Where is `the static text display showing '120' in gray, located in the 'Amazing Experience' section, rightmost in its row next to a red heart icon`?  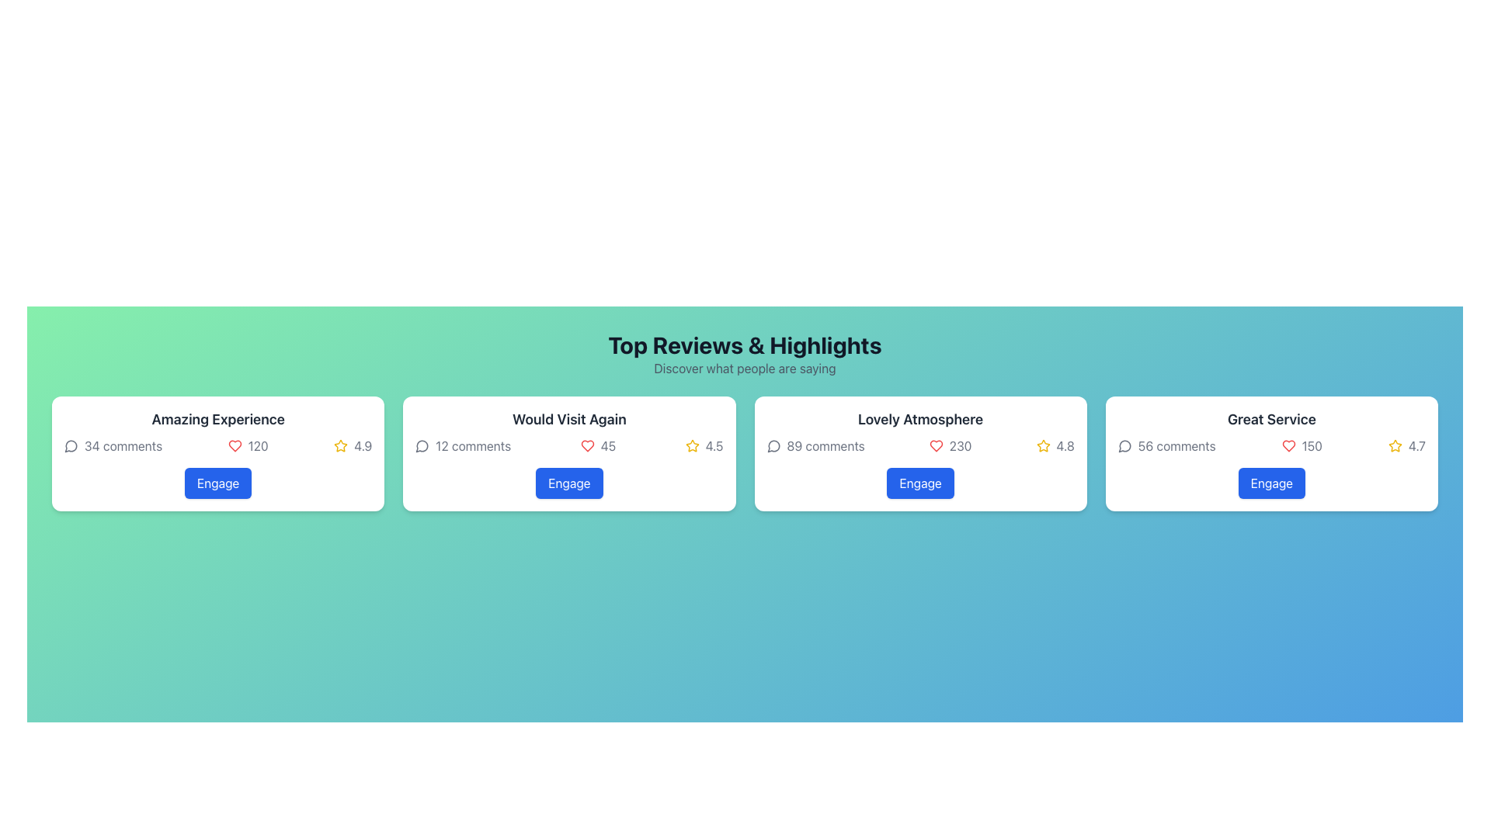
the static text display showing '120' in gray, located in the 'Amazing Experience' section, rightmost in its row next to a red heart icon is located at coordinates (258, 445).